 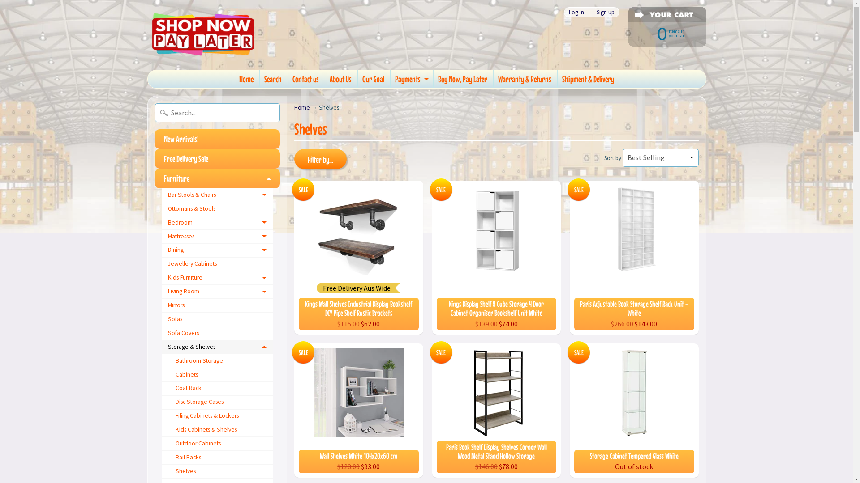 I want to click on 'Warranty & Returns', so click(x=525, y=79).